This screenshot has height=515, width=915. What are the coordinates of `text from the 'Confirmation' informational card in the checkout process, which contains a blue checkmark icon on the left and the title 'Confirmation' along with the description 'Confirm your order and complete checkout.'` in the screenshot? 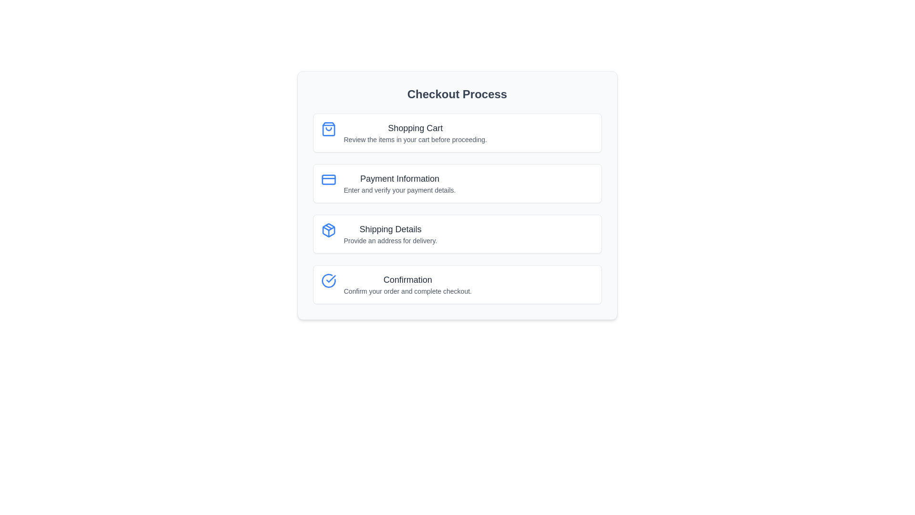 It's located at (457, 284).